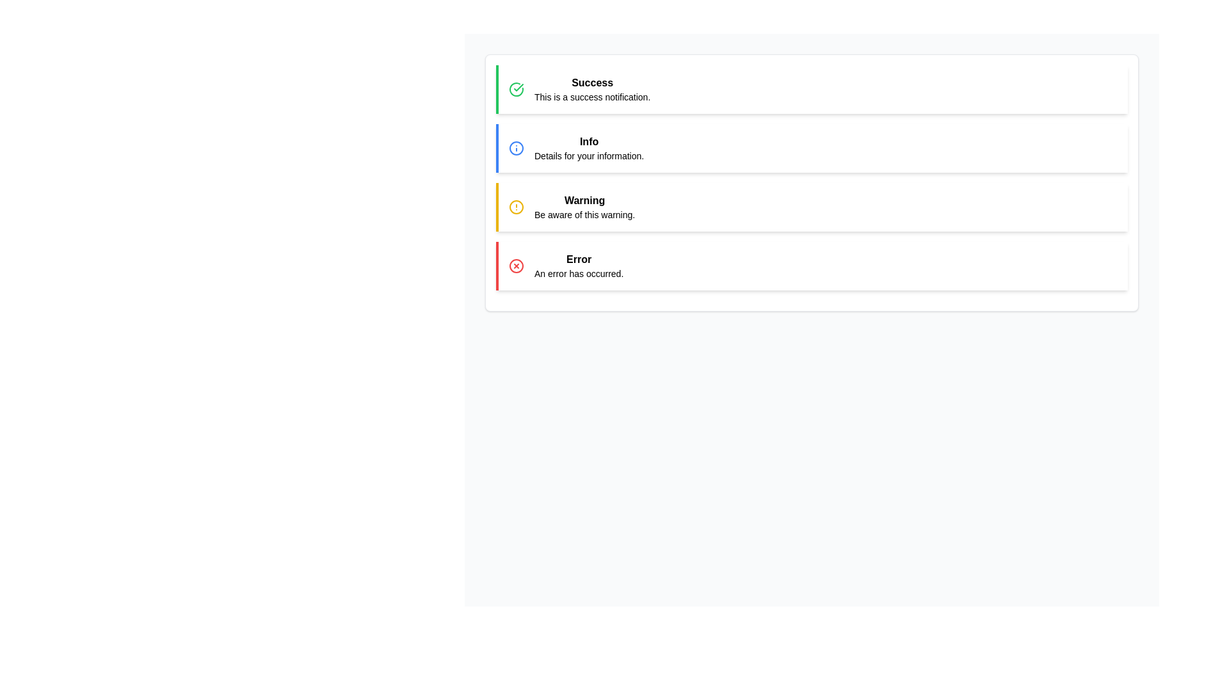  I want to click on the Circle element in the SVG graphic that contributes to the 'Info' notification icon, located next to the 'Info' message, so click(516, 147).